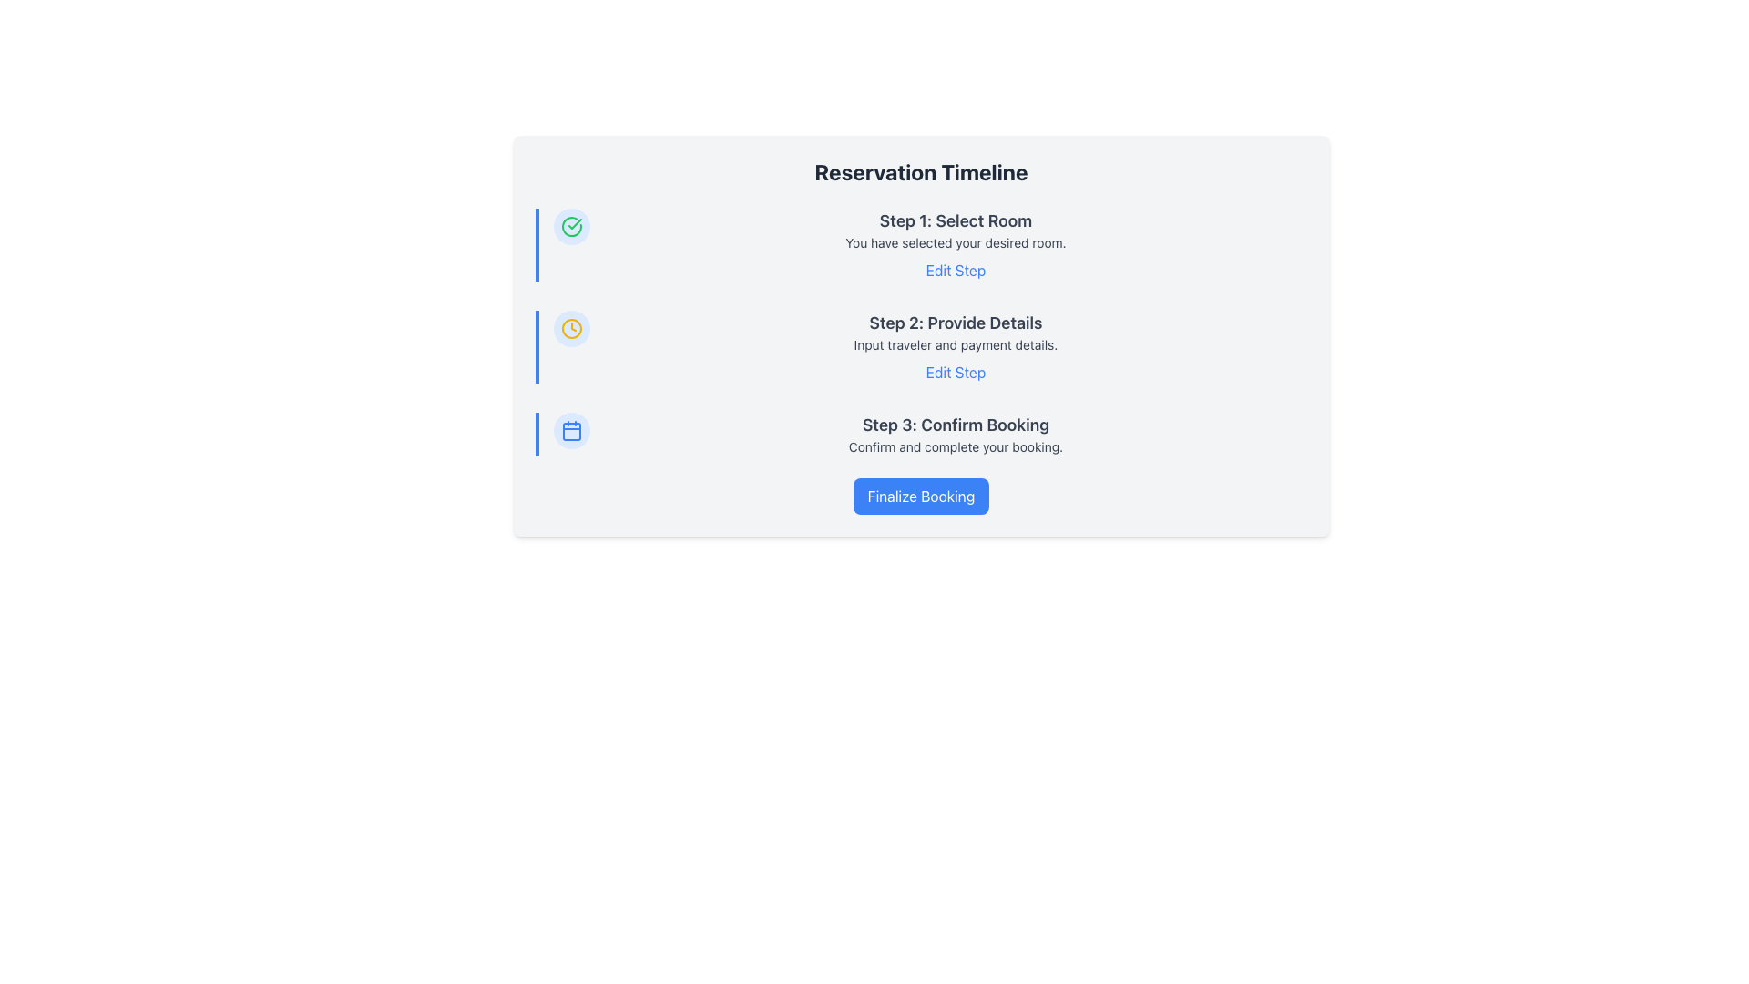 The image size is (1749, 984). Describe the element at coordinates (573, 223) in the screenshot. I see `the completion indicator icon for the first step in the vertical timeline located near the 'Step 1: Select Room' text` at that location.